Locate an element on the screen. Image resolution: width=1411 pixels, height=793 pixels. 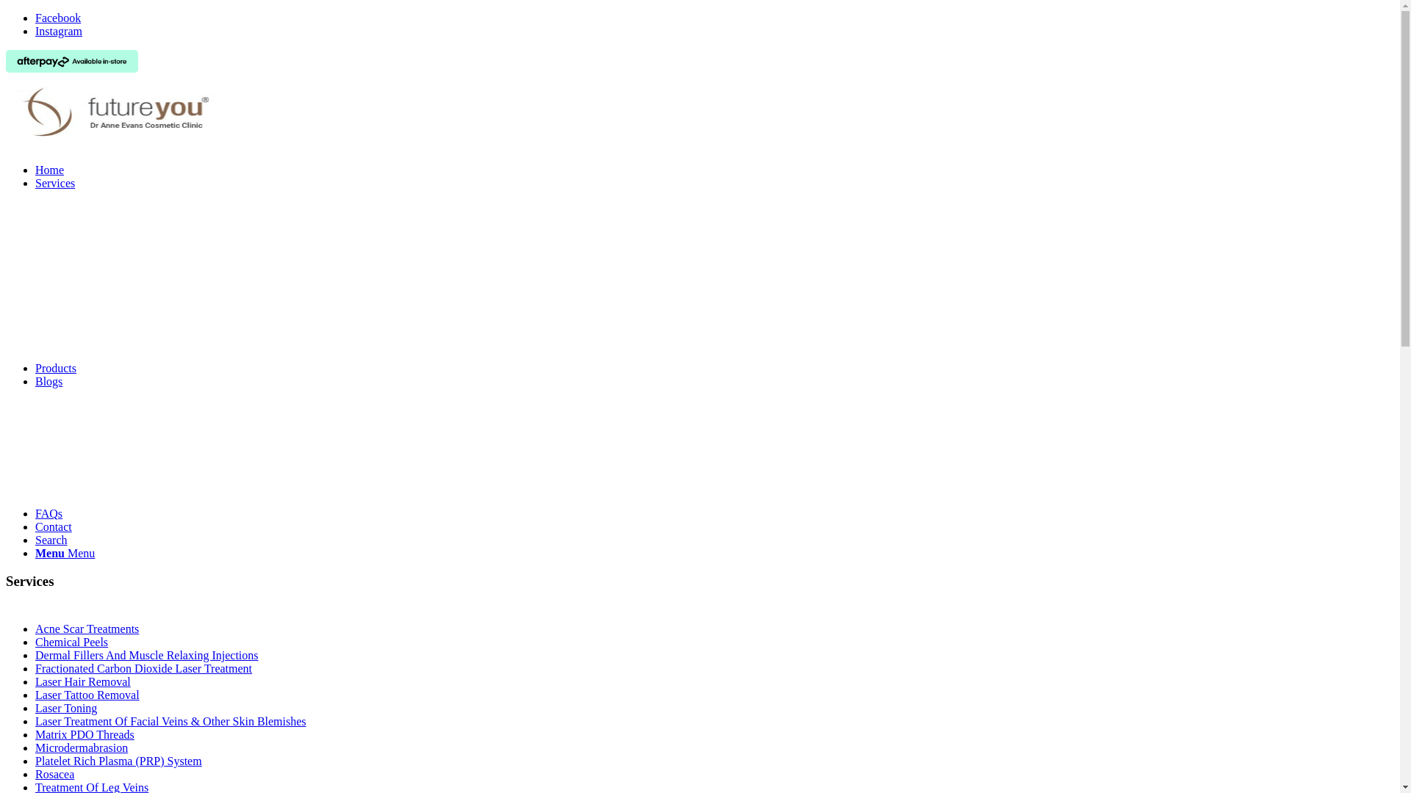
'Laser Hair Removal' is located at coordinates (82, 681).